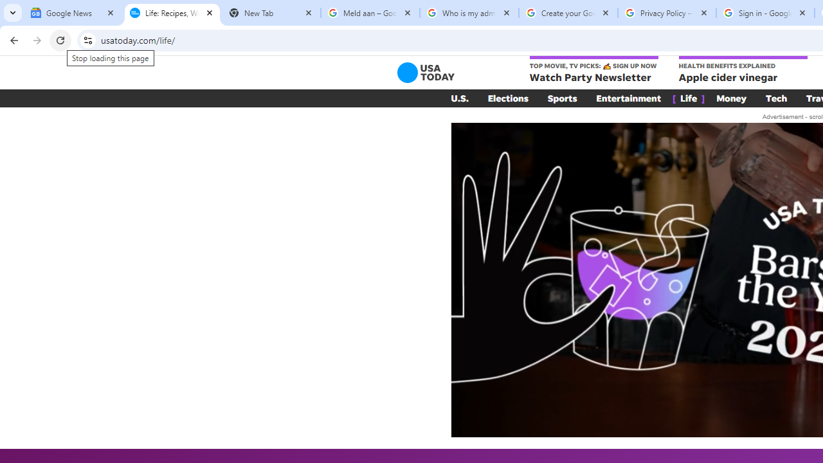 Image resolution: width=823 pixels, height=463 pixels. I want to click on 'Life: Recipes, Wellness & Horoscopes - USA TODAY', so click(172, 13).